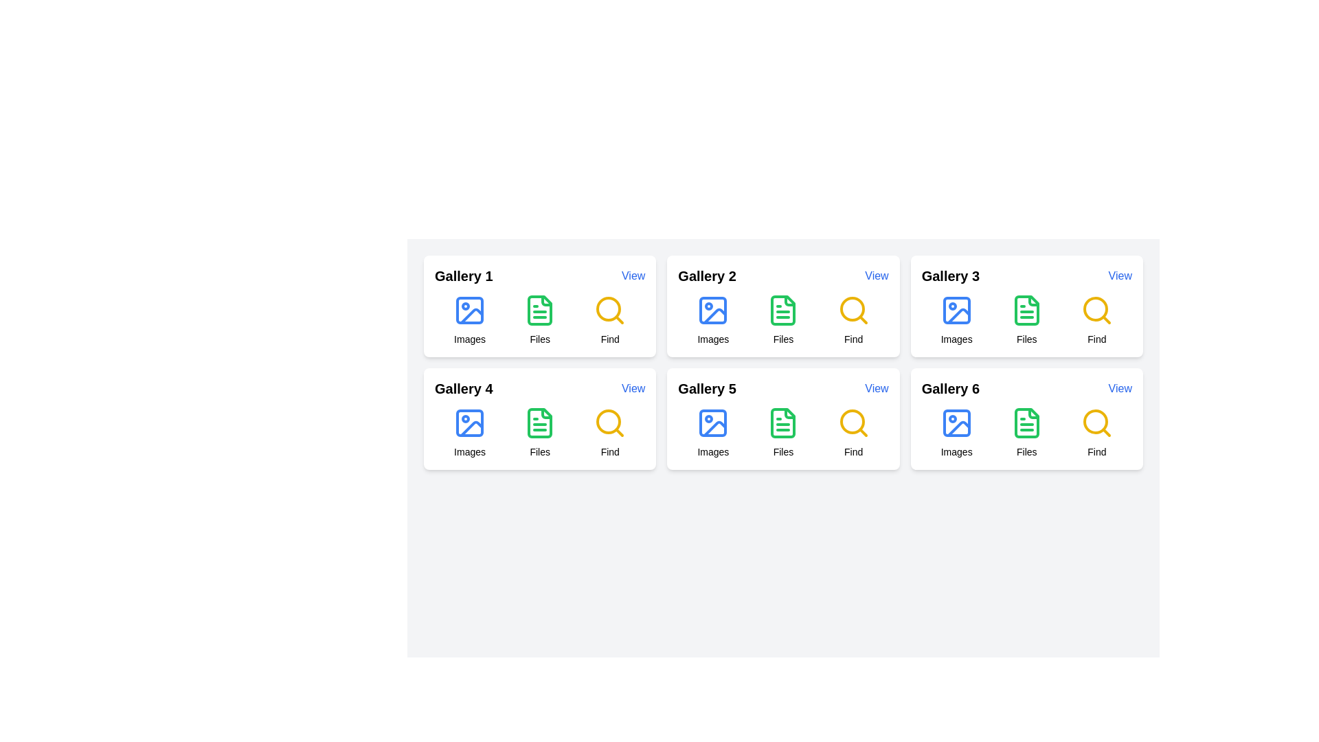 This screenshot has height=742, width=1319. What do you see at coordinates (949, 276) in the screenshot?
I see `the bold textual header 'Gallery 3' located in the first row and third column of a grid layout of cards` at bounding box center [949, 276].